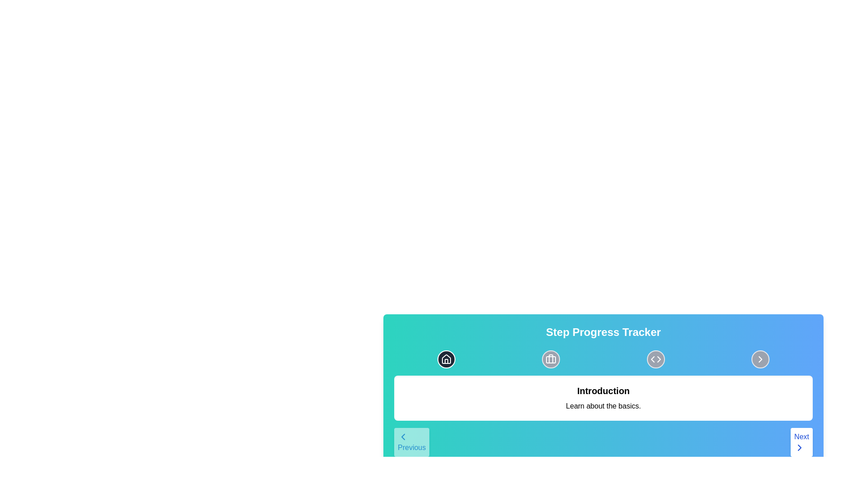 The image size is (865, 487). What do you see at coordinates (551, 359) in the screenshot?
I see `the circular Icon Button with a gray background and a briefcase icon, which is the second button in the step progress tracker section` at bounding box center [551, 359].